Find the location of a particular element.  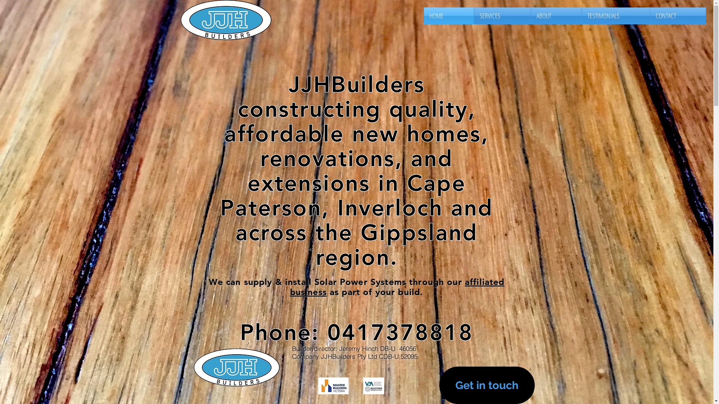

'HOME' is located at coordinates (424, 16).